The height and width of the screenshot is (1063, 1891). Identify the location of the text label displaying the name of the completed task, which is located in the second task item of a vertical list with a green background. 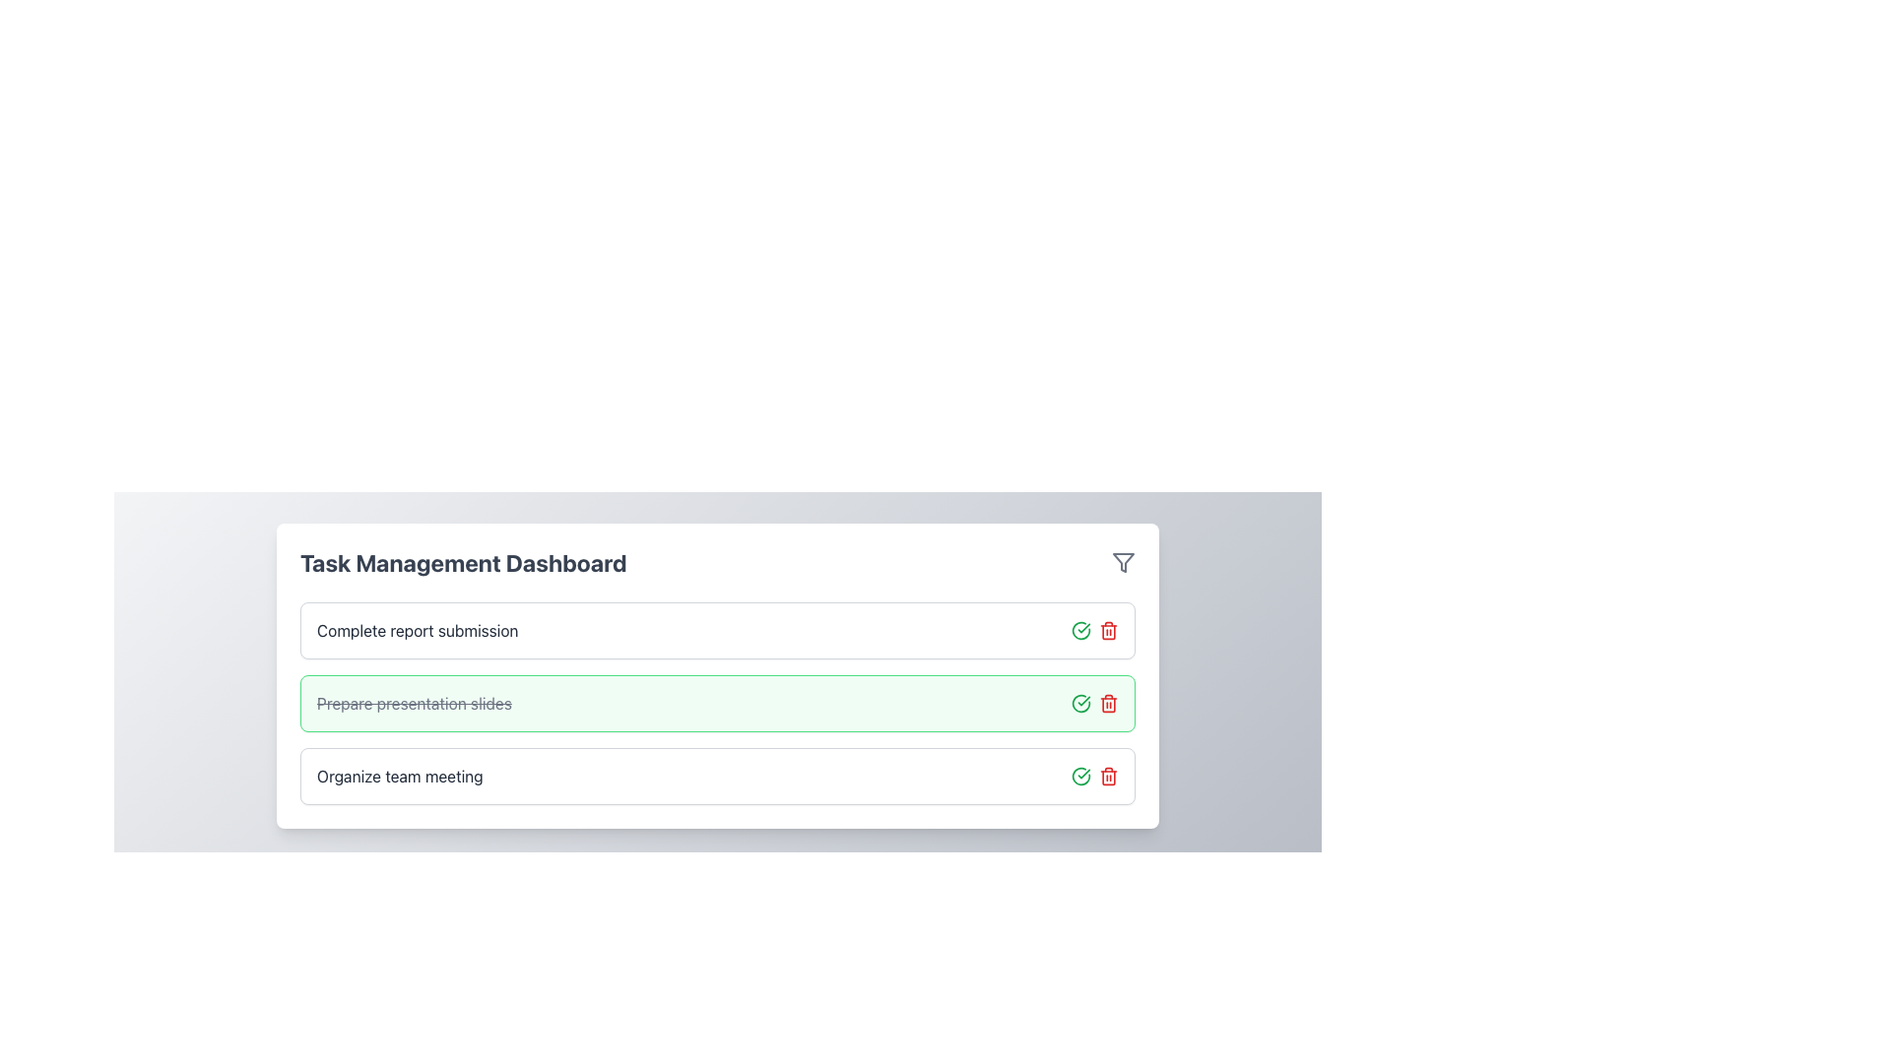
(413, 702).